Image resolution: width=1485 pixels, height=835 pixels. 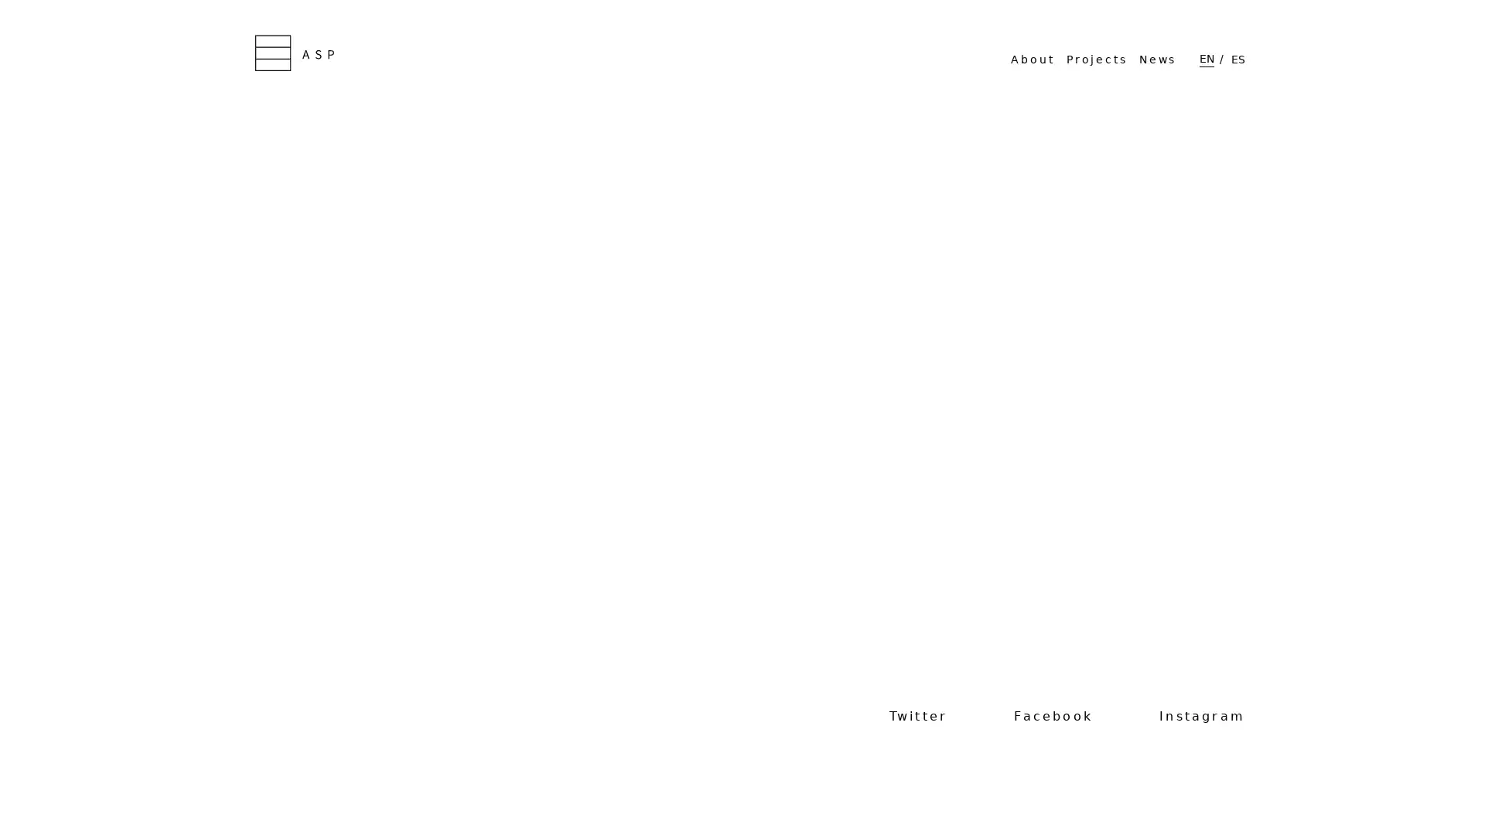 I want to click on EN, so click(x=1206, y=58).